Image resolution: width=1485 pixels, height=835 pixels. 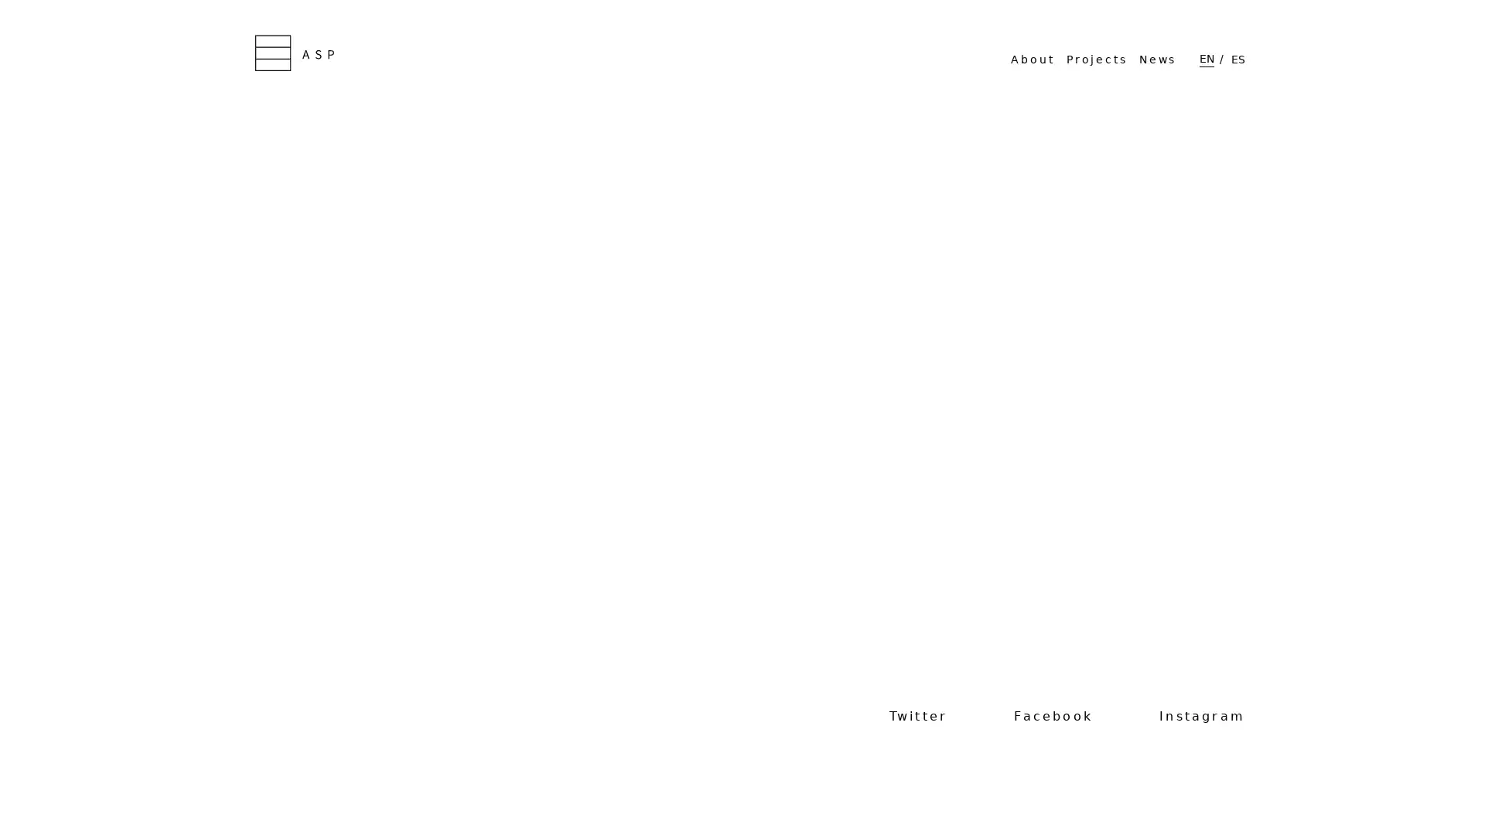 I want to click on EN, so click(x=1206, y=58).